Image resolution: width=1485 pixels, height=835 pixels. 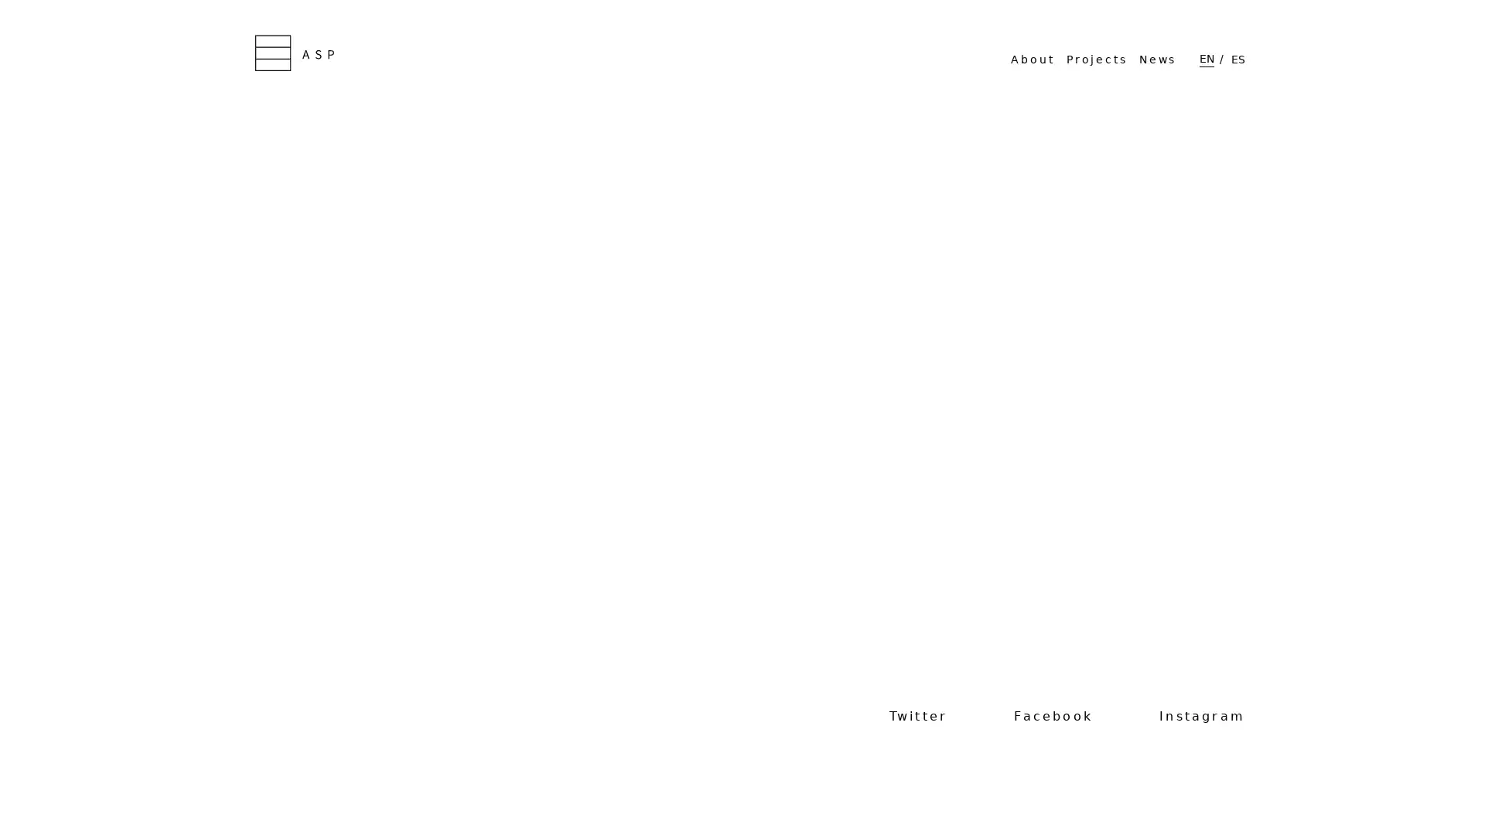 I want to click on EN, so click(x=1206, y=58).